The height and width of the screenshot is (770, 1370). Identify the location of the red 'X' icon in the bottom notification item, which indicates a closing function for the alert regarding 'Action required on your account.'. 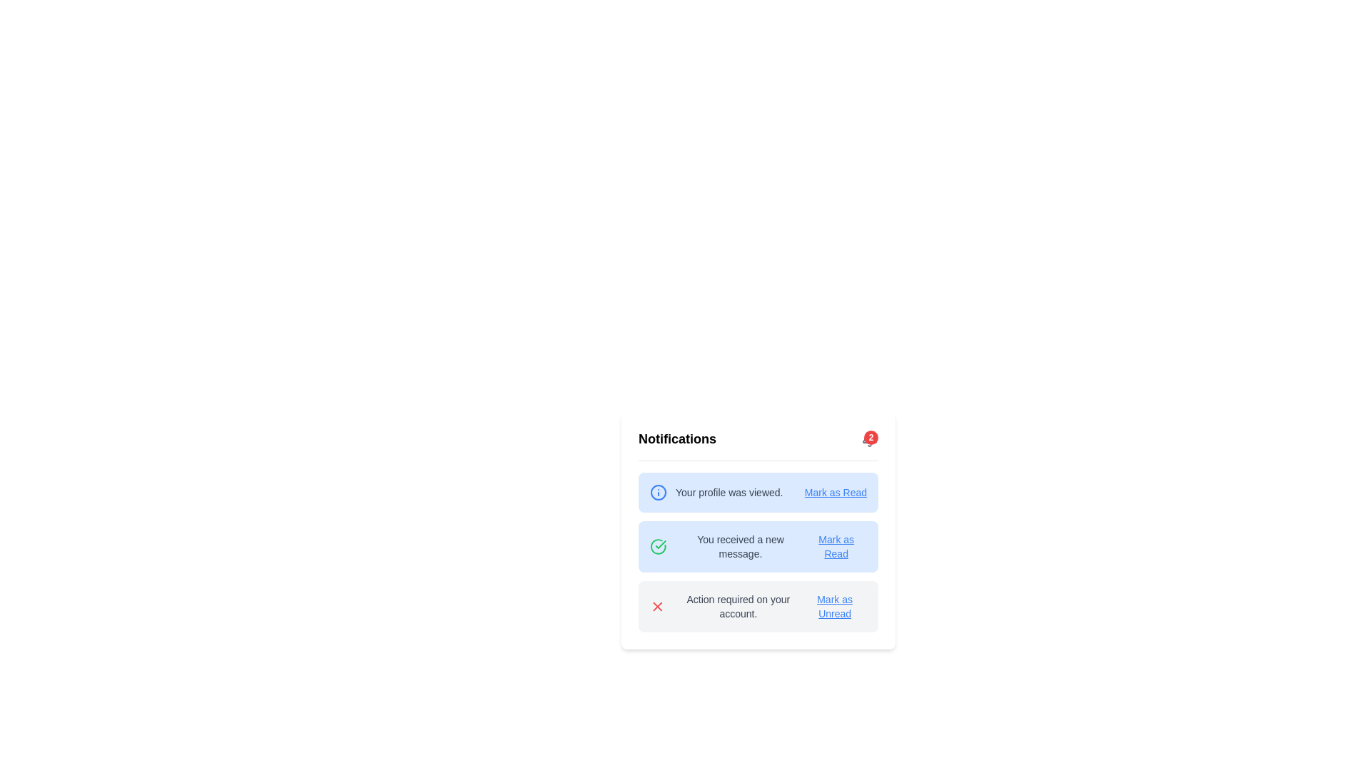
(656, 607).